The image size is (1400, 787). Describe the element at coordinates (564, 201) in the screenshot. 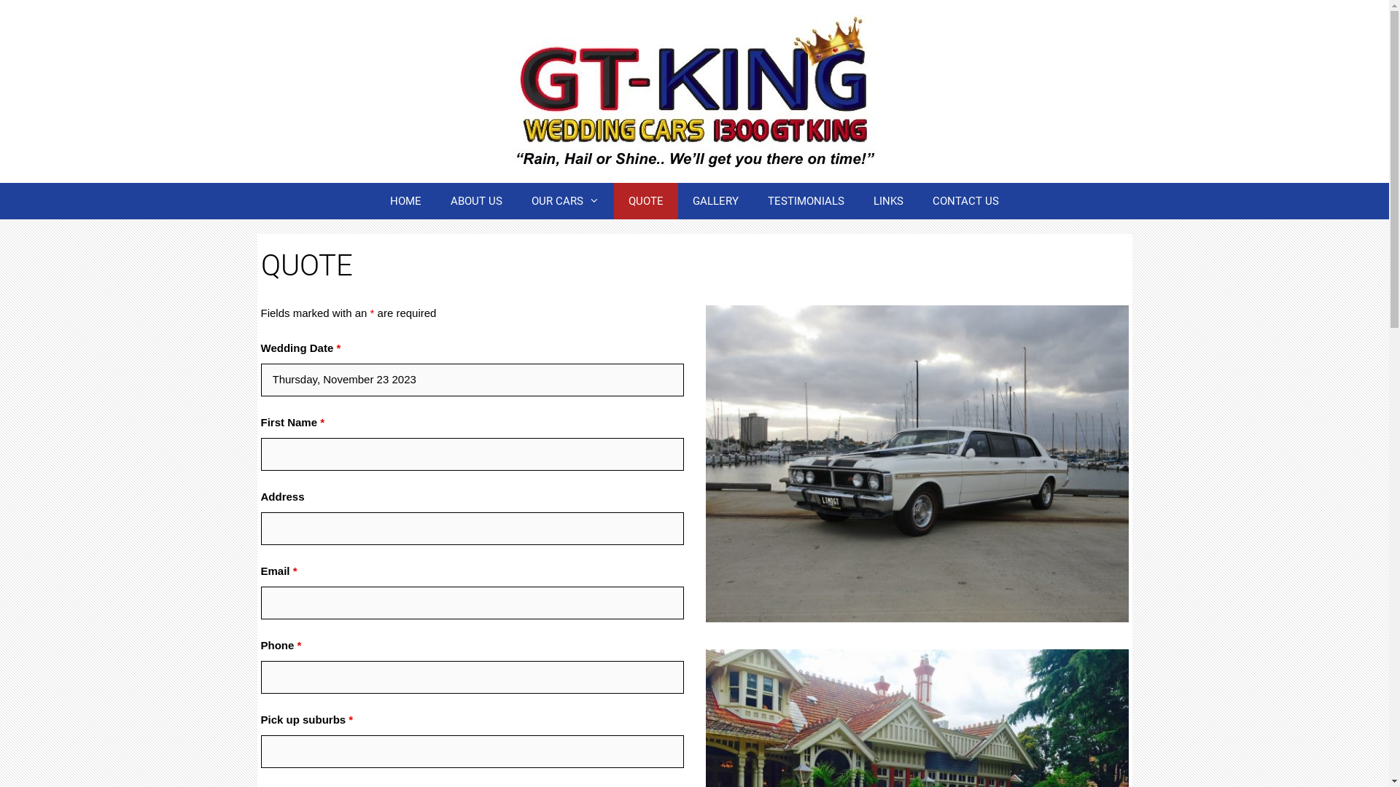

I see `'OUR CARS'` at that location.